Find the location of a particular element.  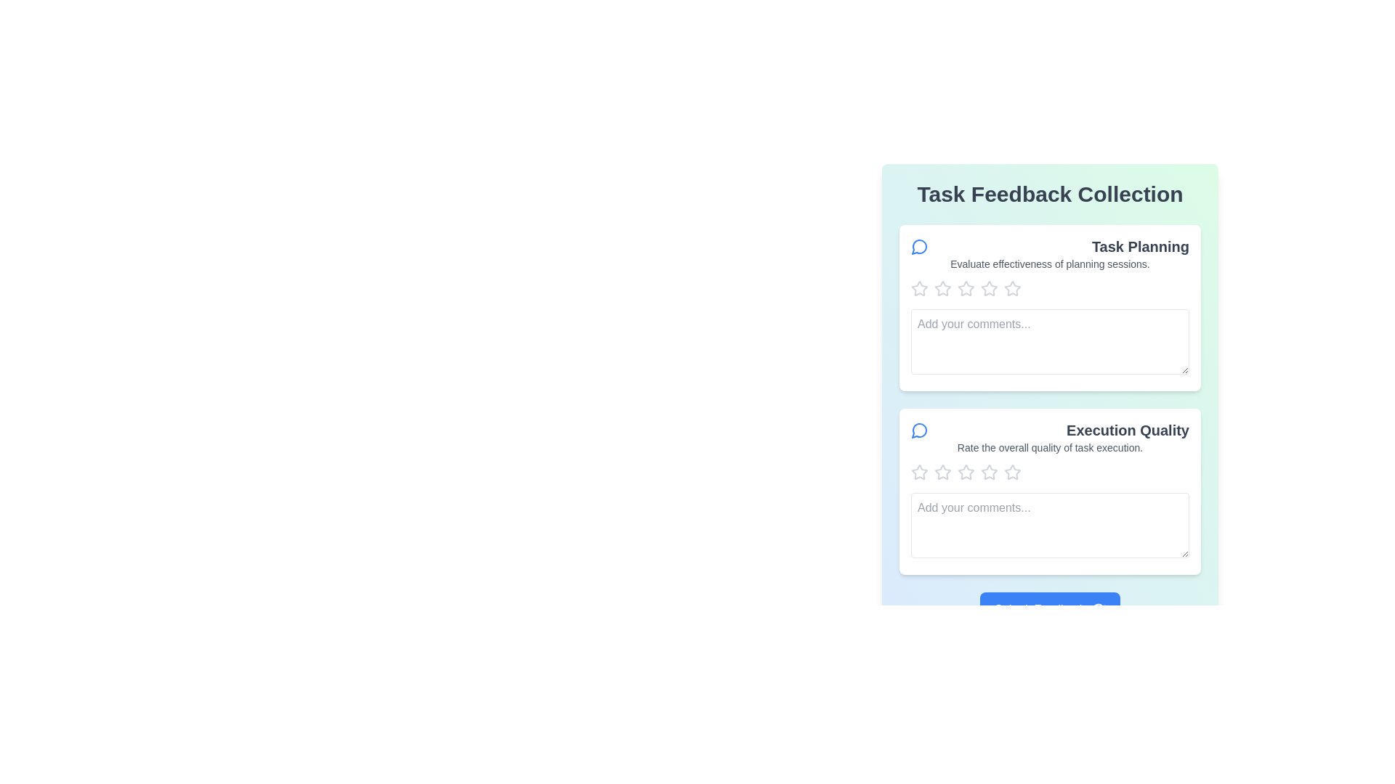

the second star icon in the rating system located in the 'Task Planning' section is located at coordinates (966, 288).